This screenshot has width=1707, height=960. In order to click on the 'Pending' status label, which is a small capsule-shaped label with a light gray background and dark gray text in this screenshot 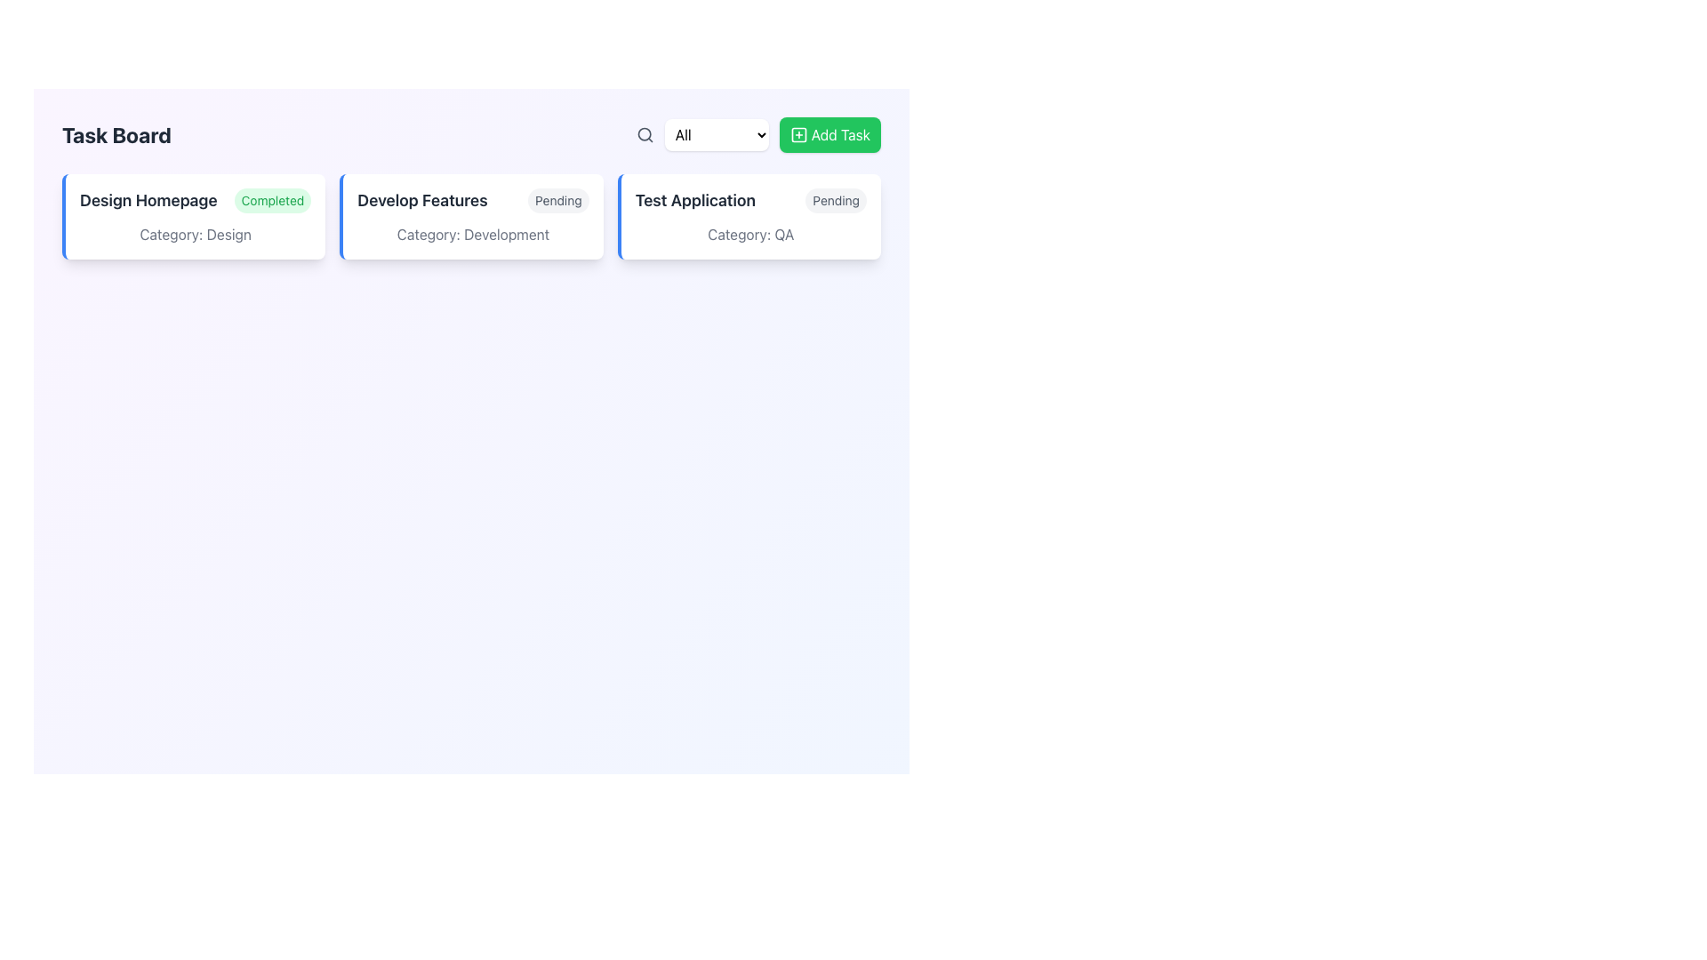, I will do `click(835, 200)`.